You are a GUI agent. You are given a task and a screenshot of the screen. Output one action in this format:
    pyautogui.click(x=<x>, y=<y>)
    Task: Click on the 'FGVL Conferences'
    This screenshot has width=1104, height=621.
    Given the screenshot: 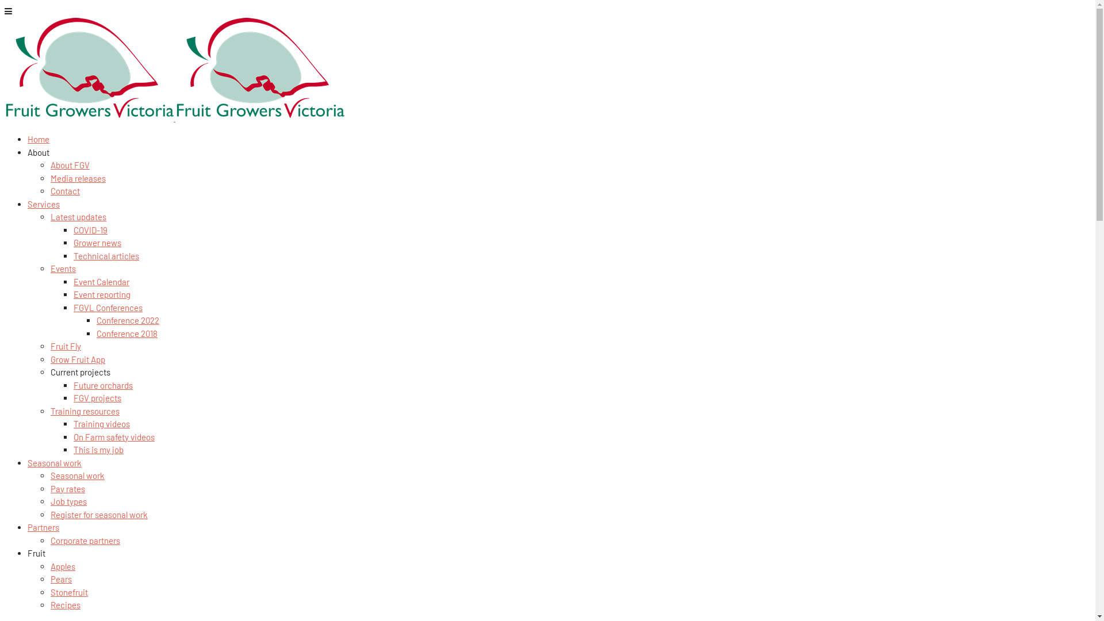 What is the action you would take?
    pyautogui.click(x=108, y=307)
    